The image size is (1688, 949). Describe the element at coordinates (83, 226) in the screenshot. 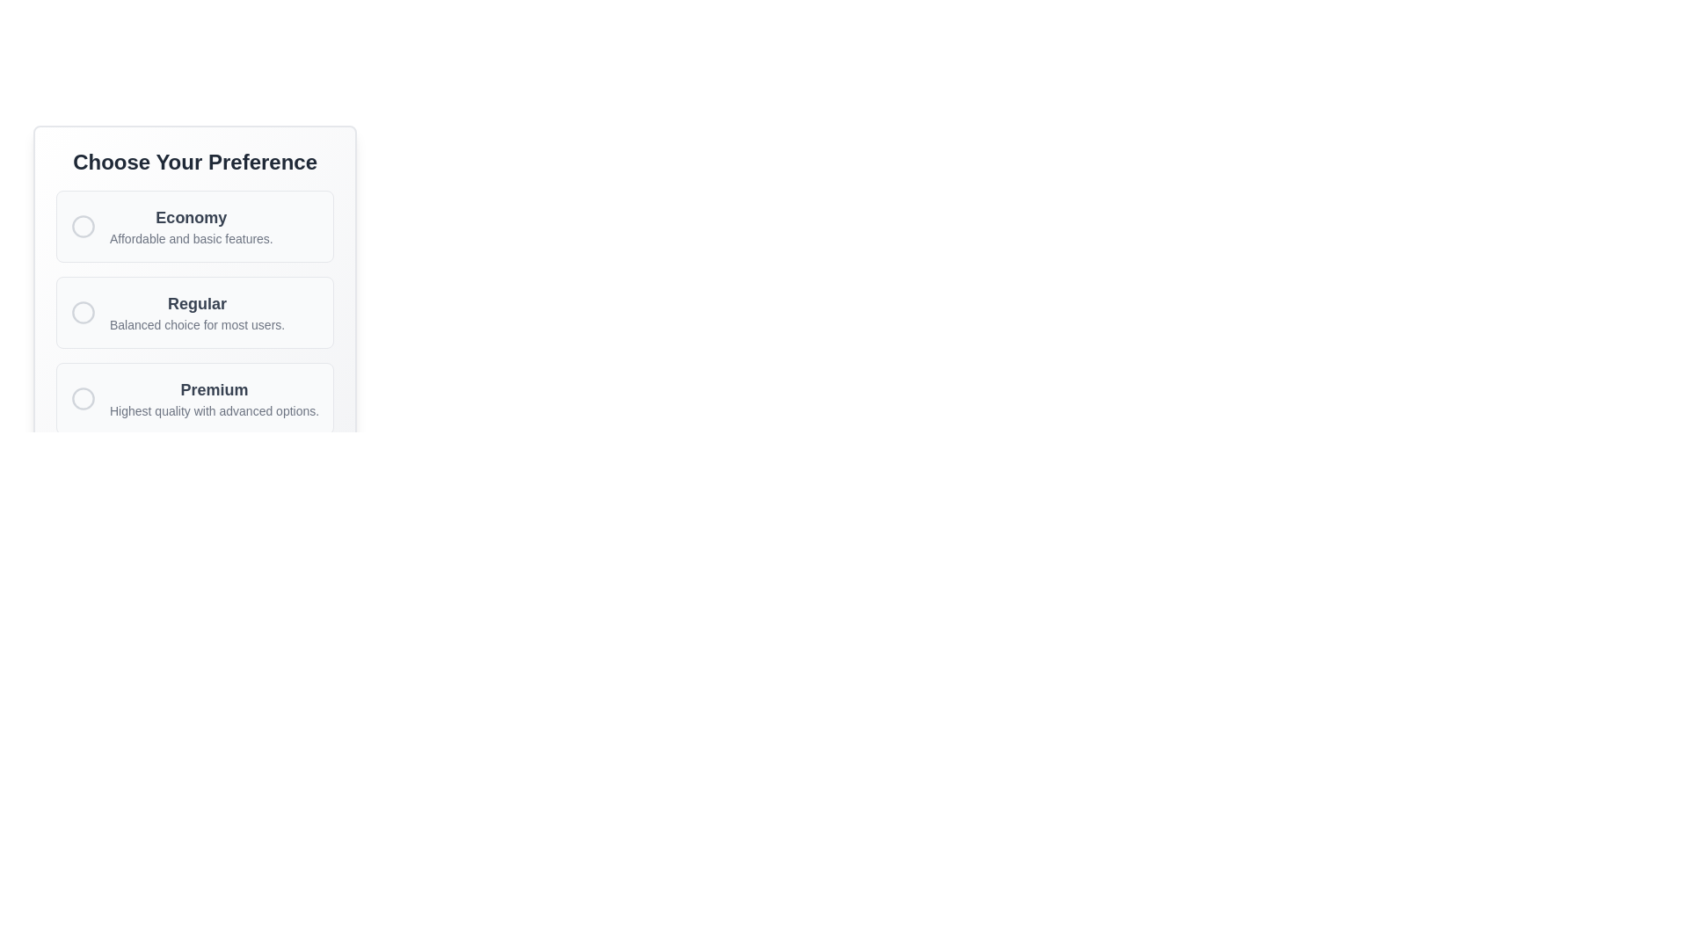

I see `the first radio button in the selection panel` at that location.